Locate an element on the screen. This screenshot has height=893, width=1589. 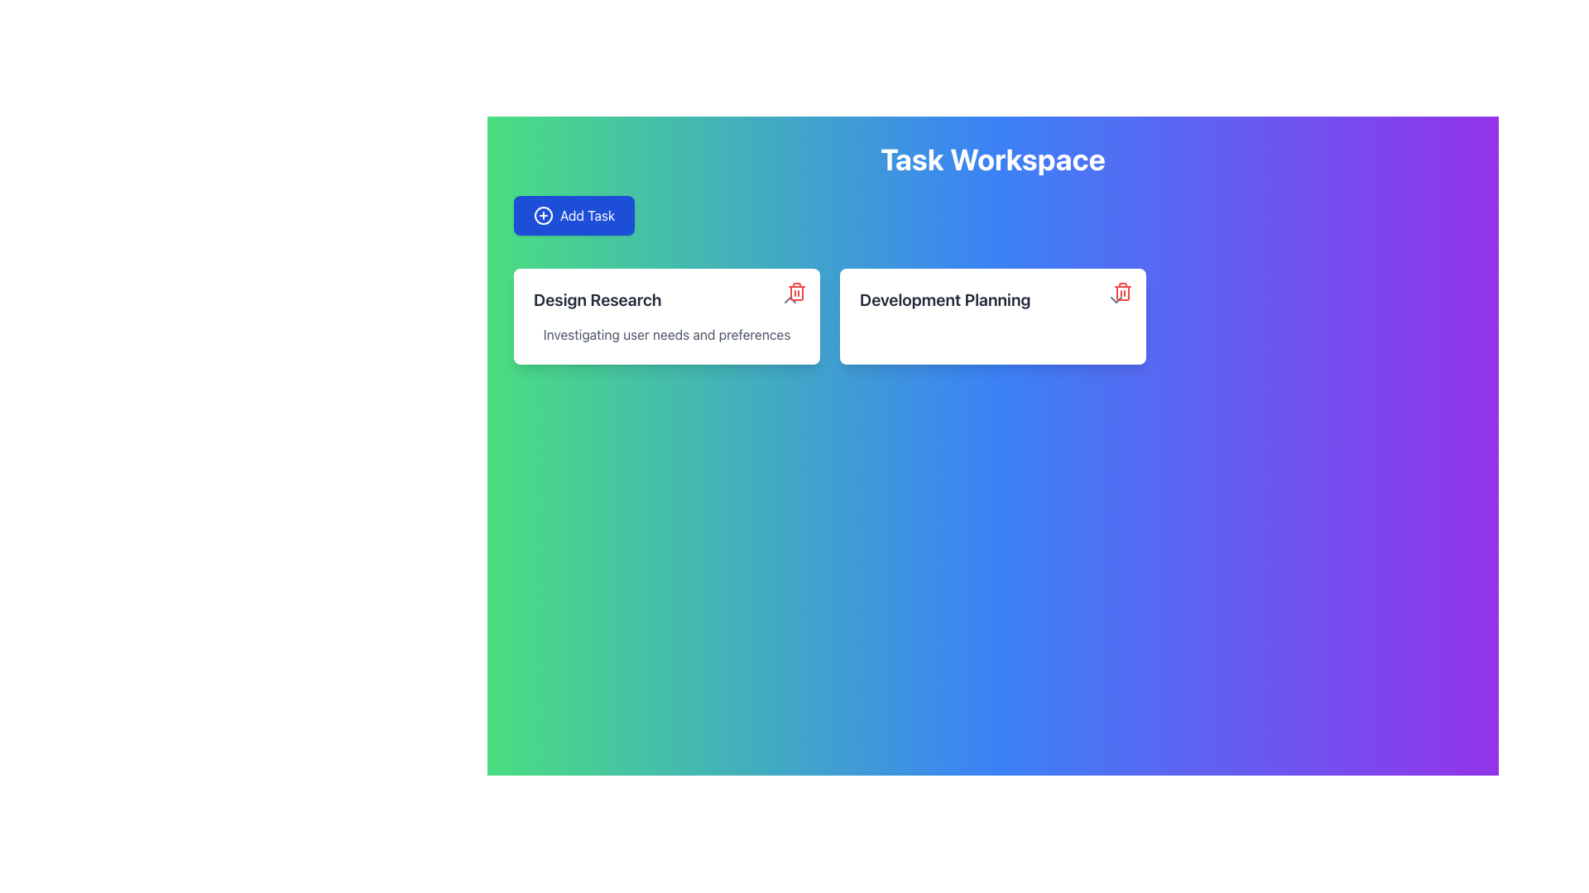
the static text label reading 'Development Planning' which is centrally positioned at the top of a white card with rounded corners in the top-right part of the interface is located at coordinates (993, 299).